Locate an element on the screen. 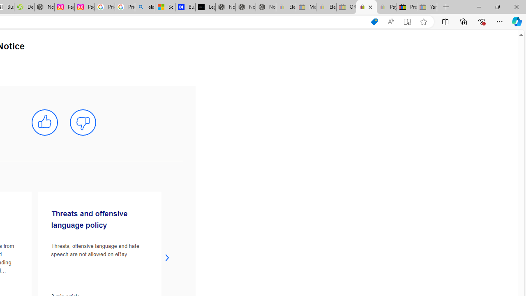 The height and width of the screenshot is (296, 526). 'Press Room - eBay Inc.' is located at coordinates (407, 7).